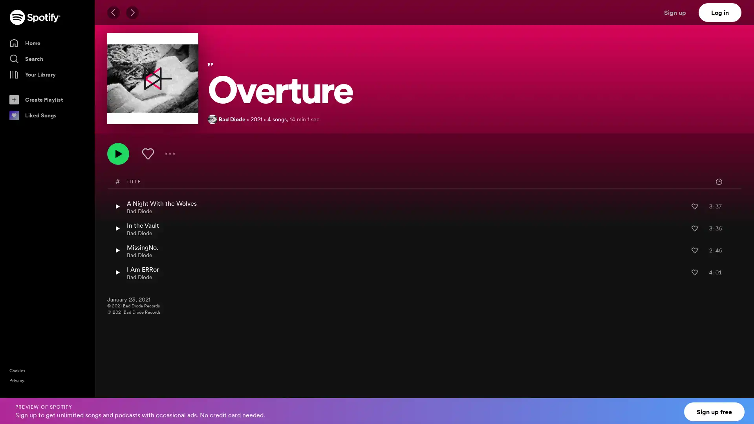  I want to click on Play MissingNo. by Bad Diode, so click(117, 250).